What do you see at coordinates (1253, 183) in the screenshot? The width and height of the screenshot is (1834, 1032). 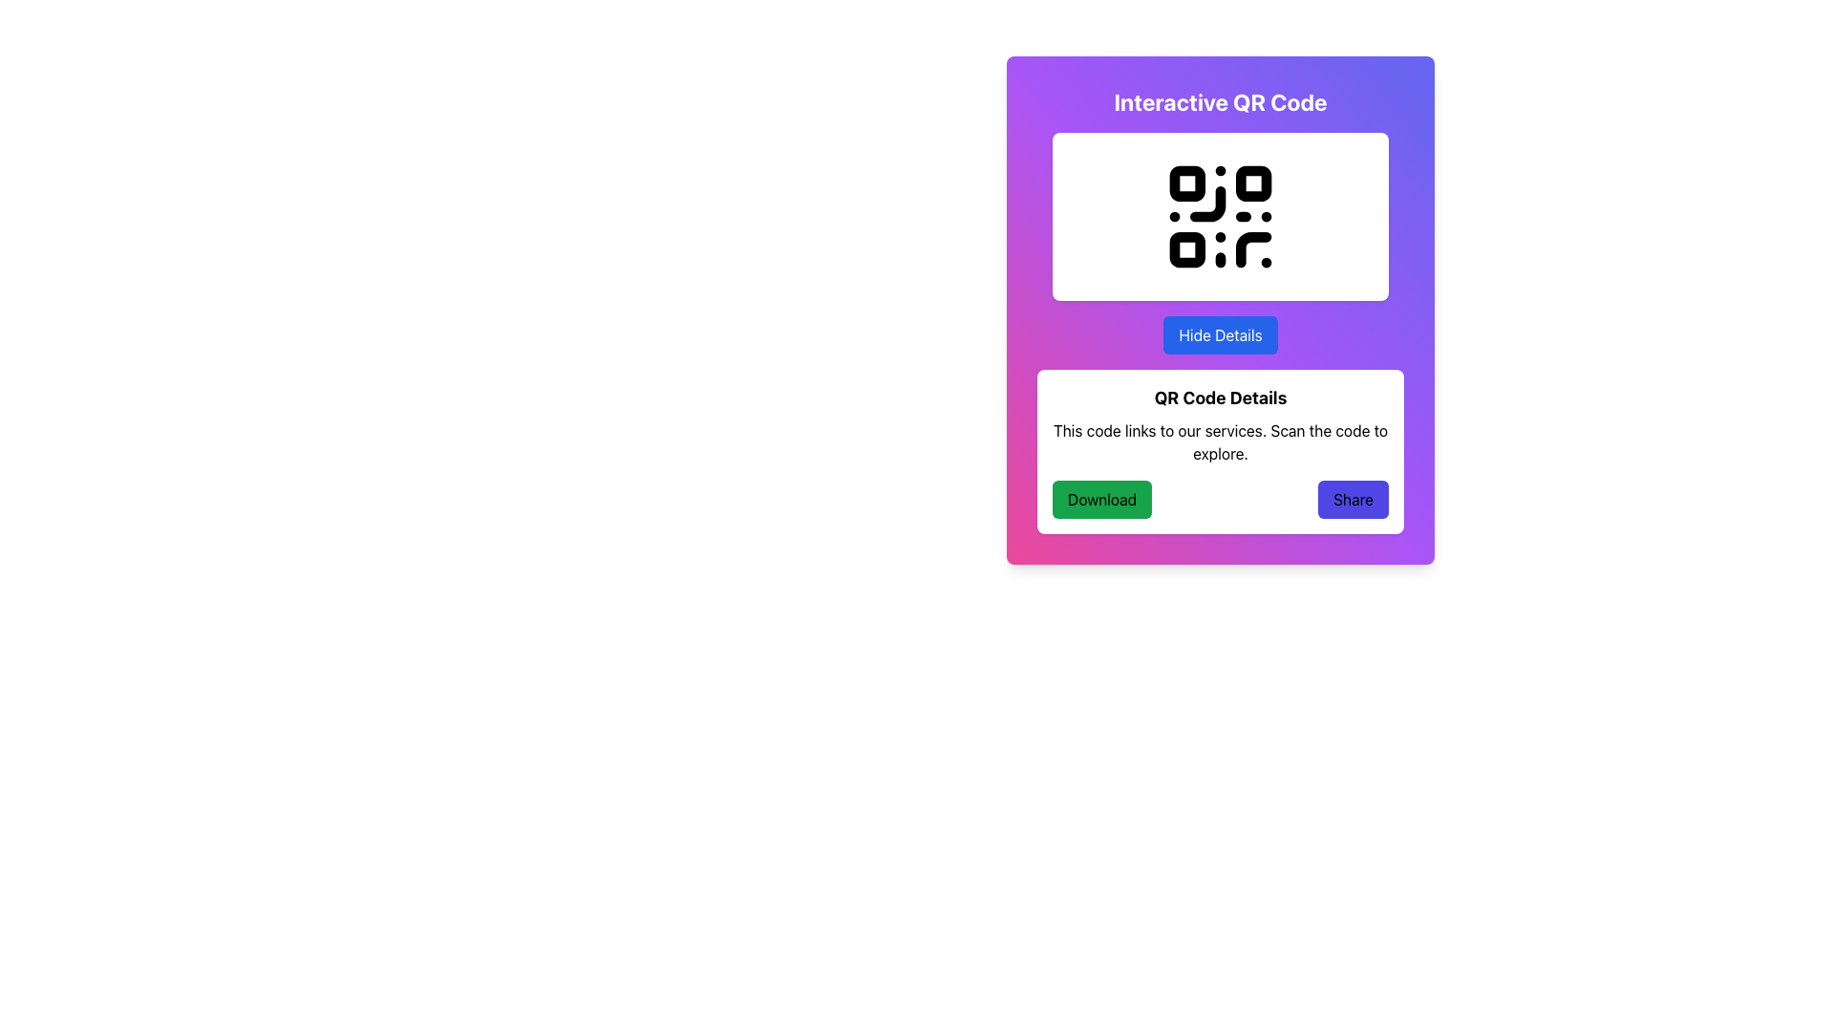 I see `the second square in the top row of the QR code, which contributes to its overall representation and functionality` at bounding box center [1253, 183].